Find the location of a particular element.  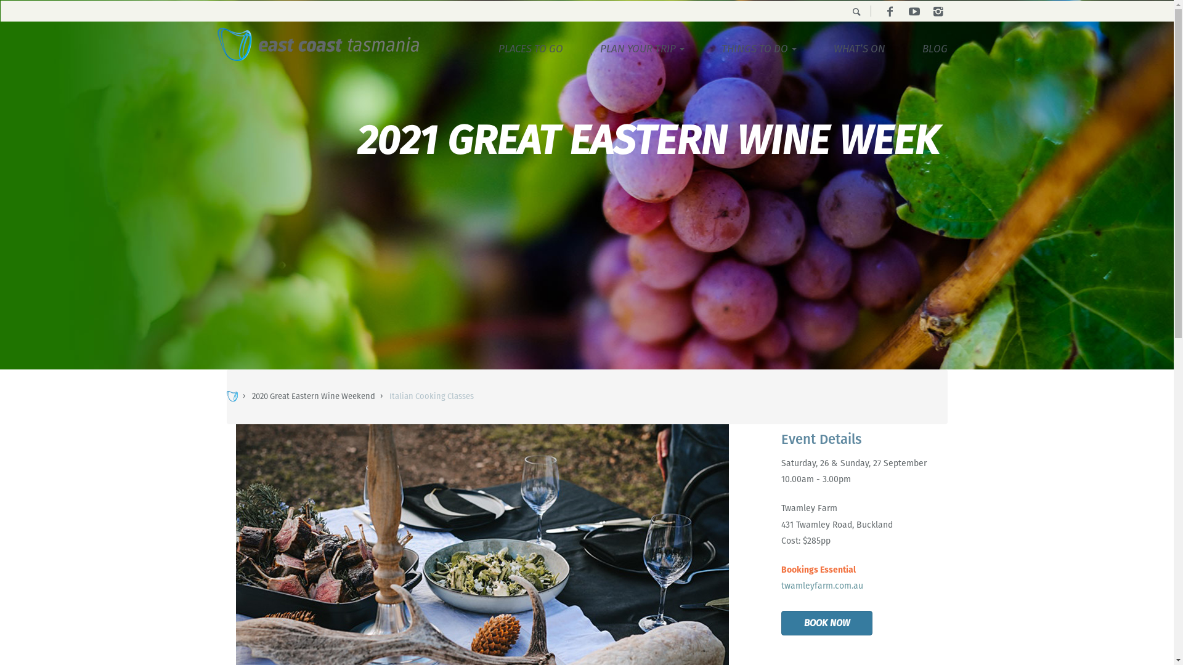

'THINGS TO DO' is located at coordinates (702, 47).